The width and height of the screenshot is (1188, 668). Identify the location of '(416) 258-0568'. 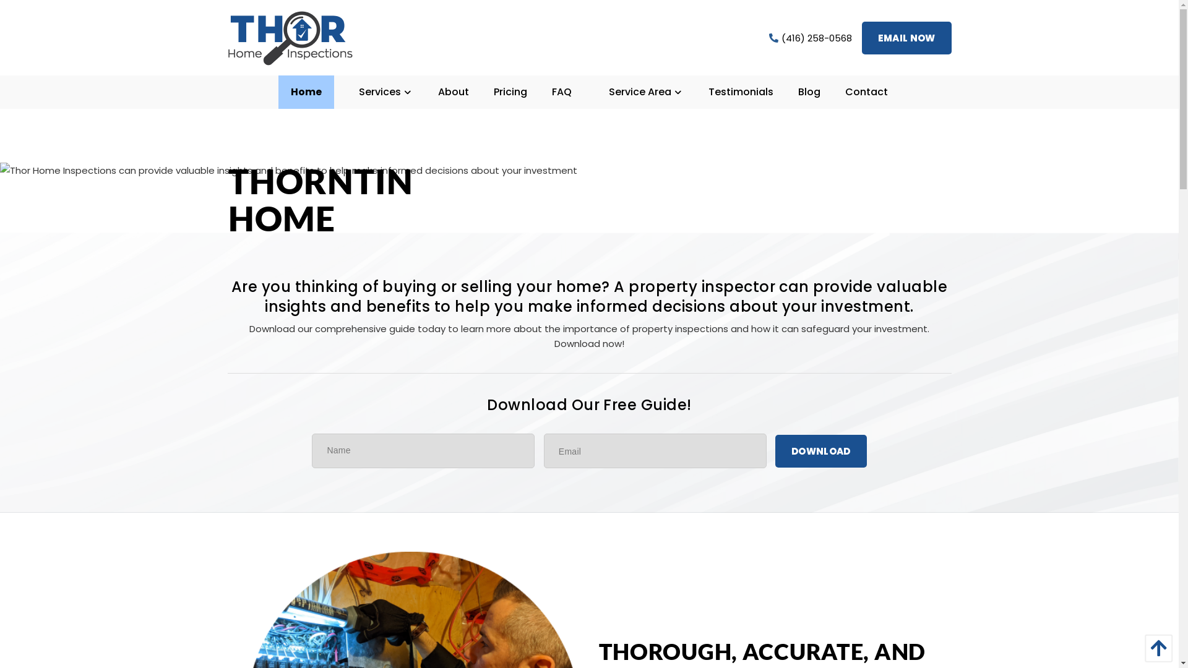
(811, 36).